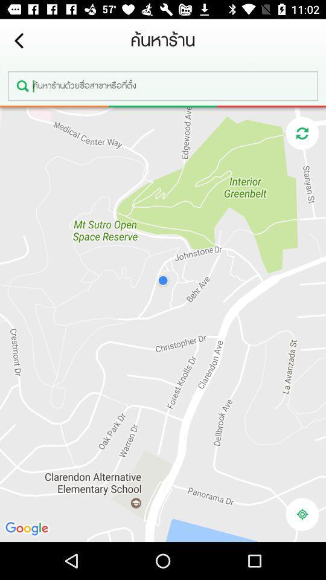  What do you see at coordinates (163, 85) in the screenshot?
I see `search` at bounding box center [163, 85].